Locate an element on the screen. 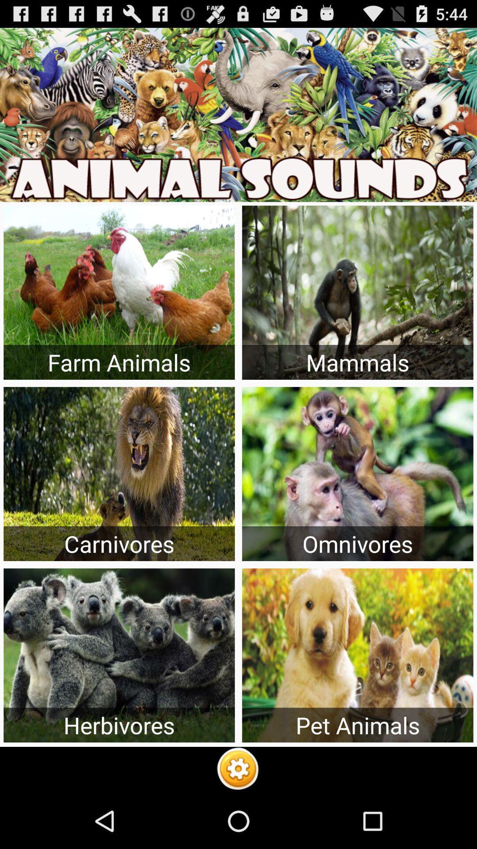 Image resolution: width=477 pixels, height=849 pixels. carnivores picture is located at coordinates (119, 473).